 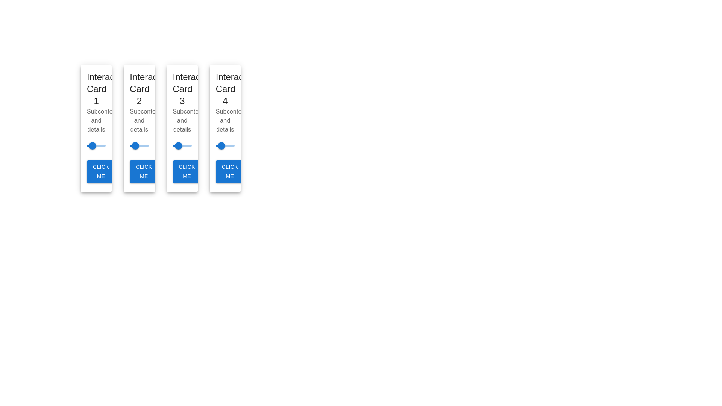 What do you see at coordinates (94, 146) in the screenshot?
I see `the slider` at bounding box center [94, 146].